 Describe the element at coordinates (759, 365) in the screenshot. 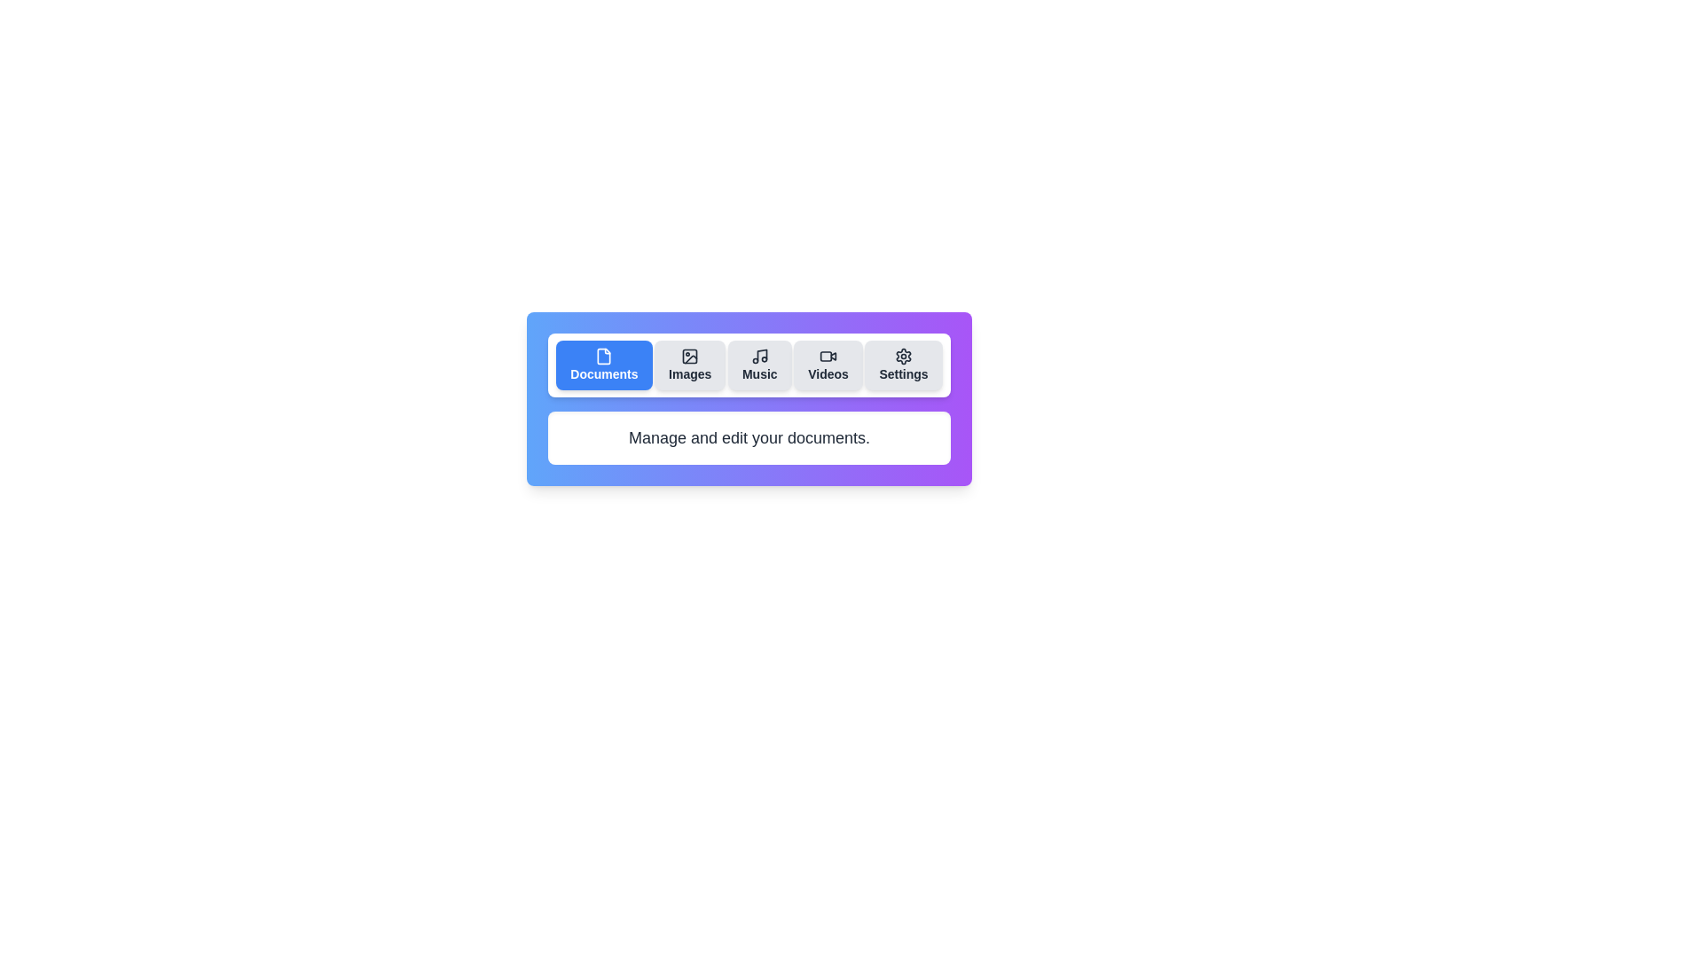

I see `the tab labeled Music to view its content` at that location.